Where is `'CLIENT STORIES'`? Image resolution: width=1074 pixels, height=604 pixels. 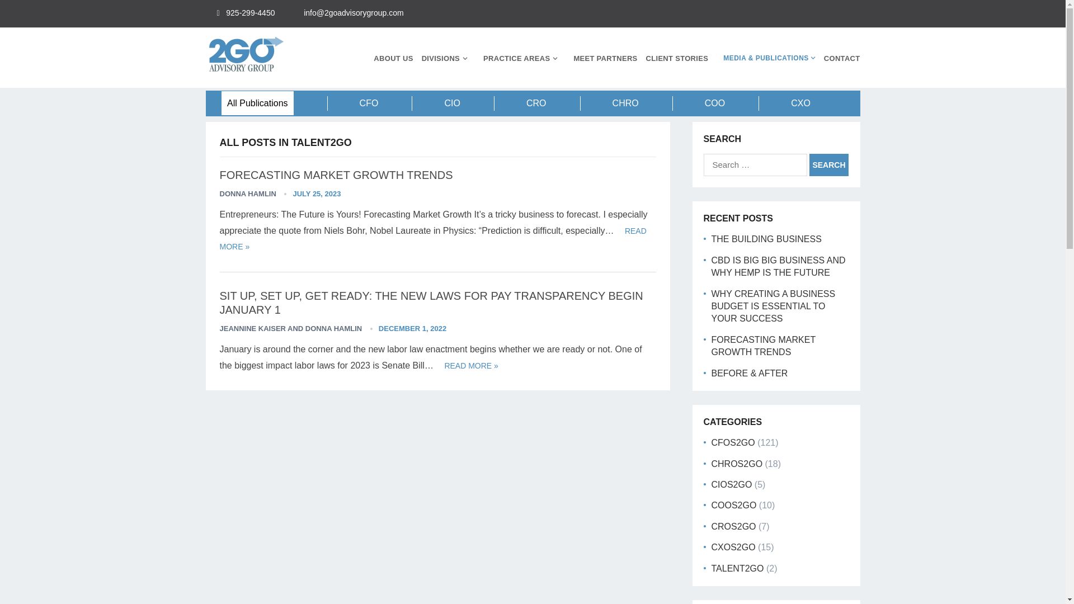 'CLIENT STORIES' is located at coordinates (646, 58).